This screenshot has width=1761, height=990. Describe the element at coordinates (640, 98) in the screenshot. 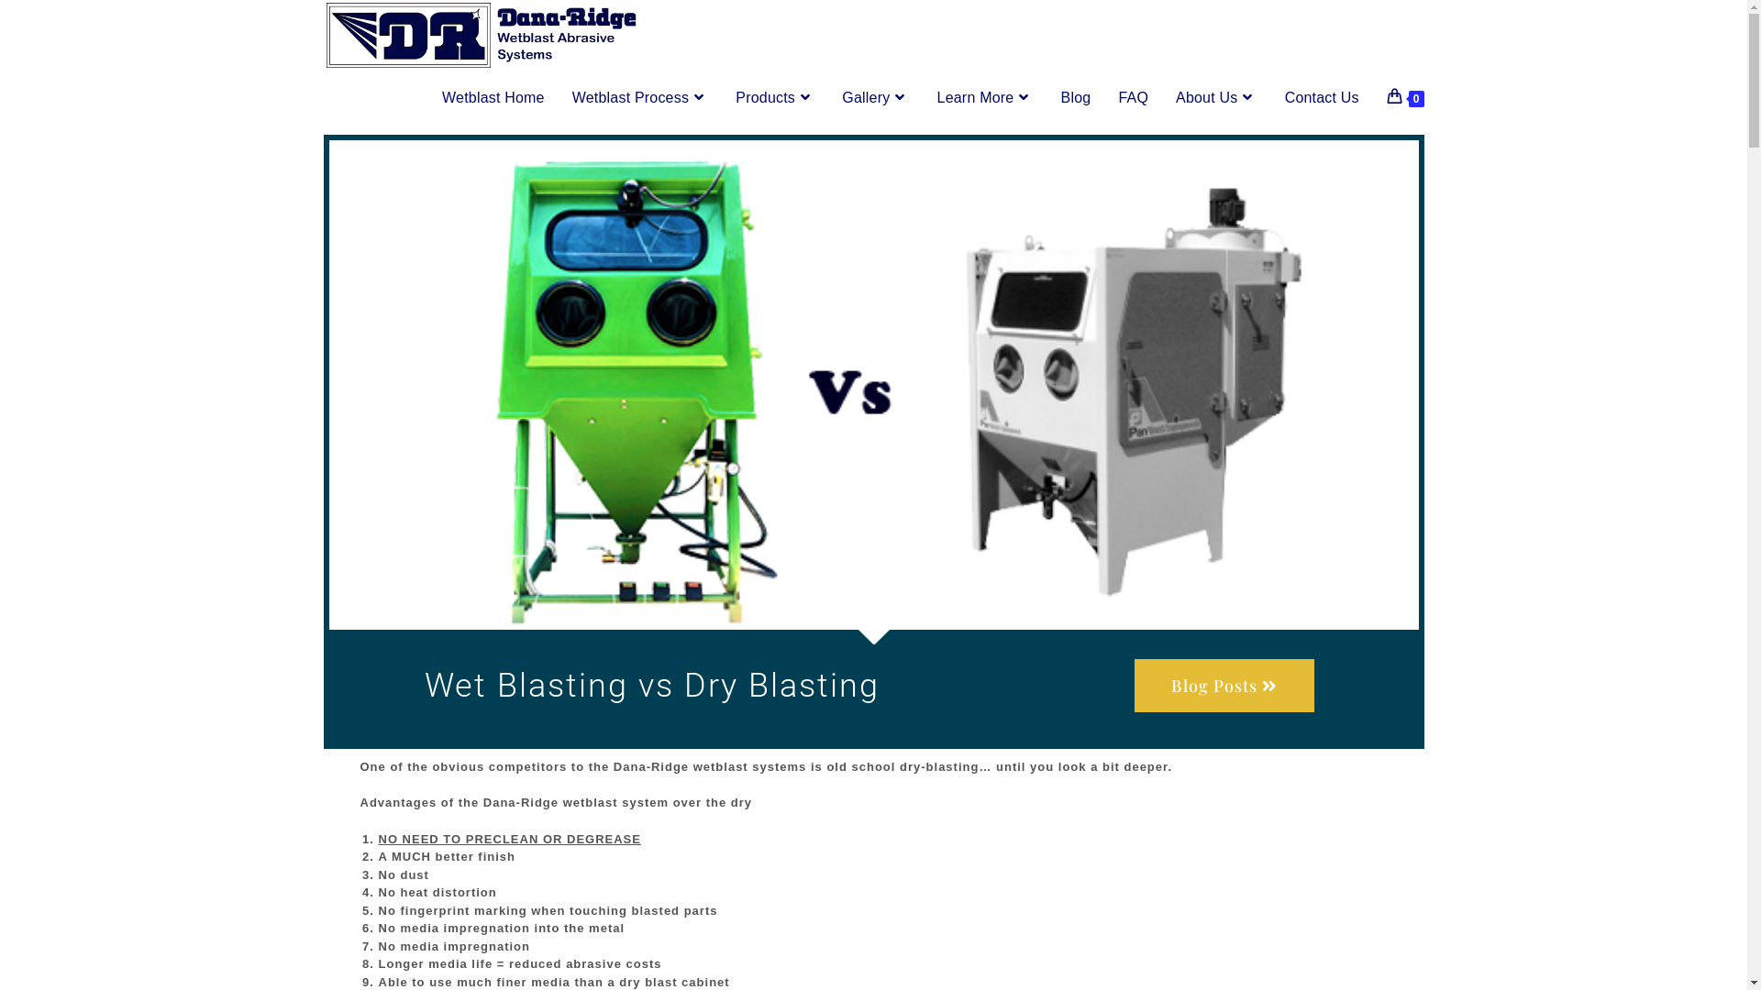

I see `'Wetblast Process'` at that location.